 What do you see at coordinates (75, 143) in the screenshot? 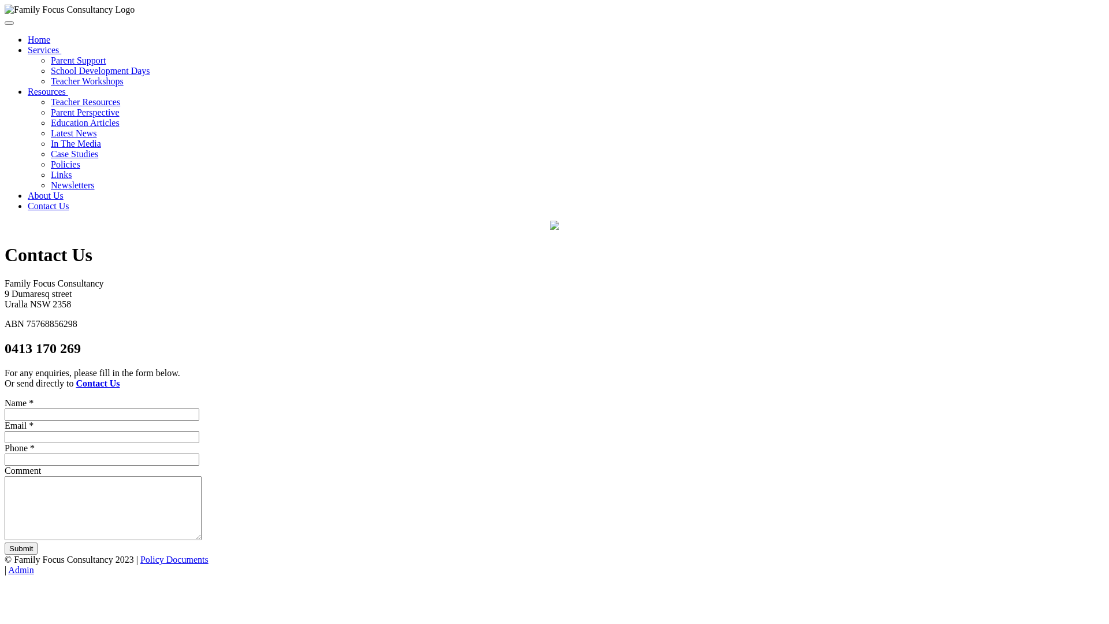
I see `'In The Media'` at bounding box center [75, 143].